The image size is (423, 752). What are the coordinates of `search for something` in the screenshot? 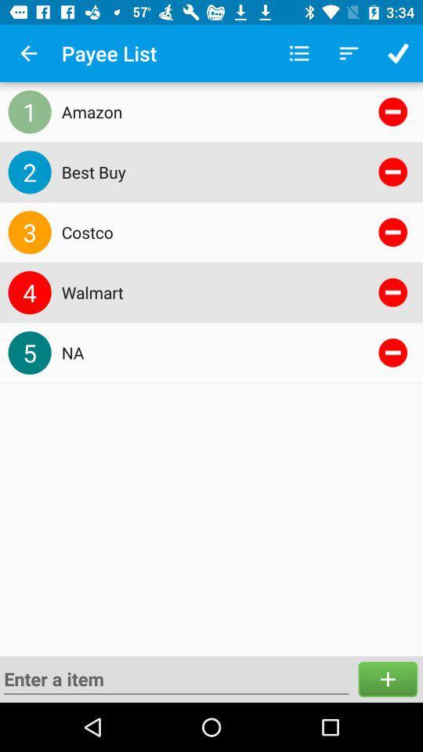 It's located at (175, 678).